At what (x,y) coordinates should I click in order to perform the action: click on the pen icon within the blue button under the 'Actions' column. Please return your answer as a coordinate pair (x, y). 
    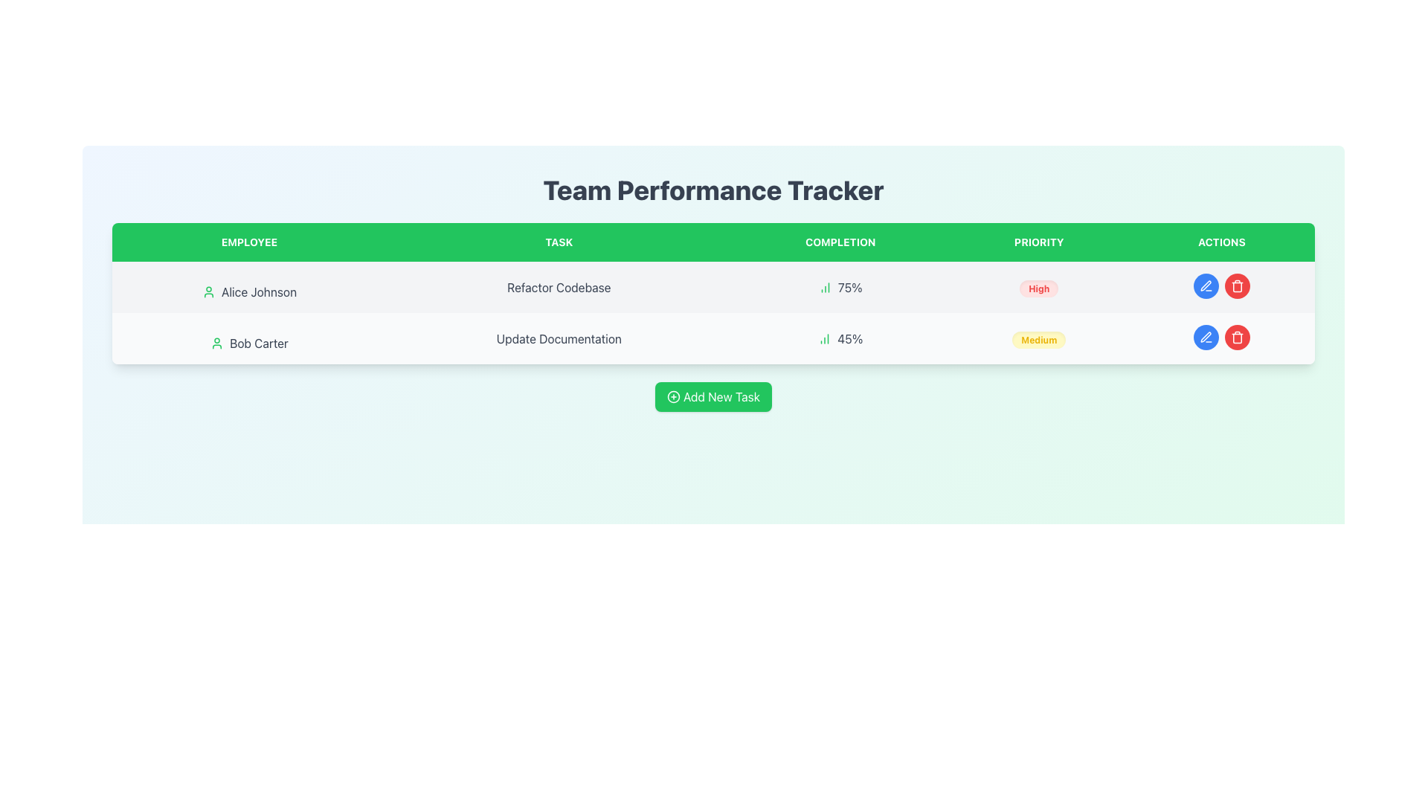
    Looking at the image, I should click on (1206, 337).